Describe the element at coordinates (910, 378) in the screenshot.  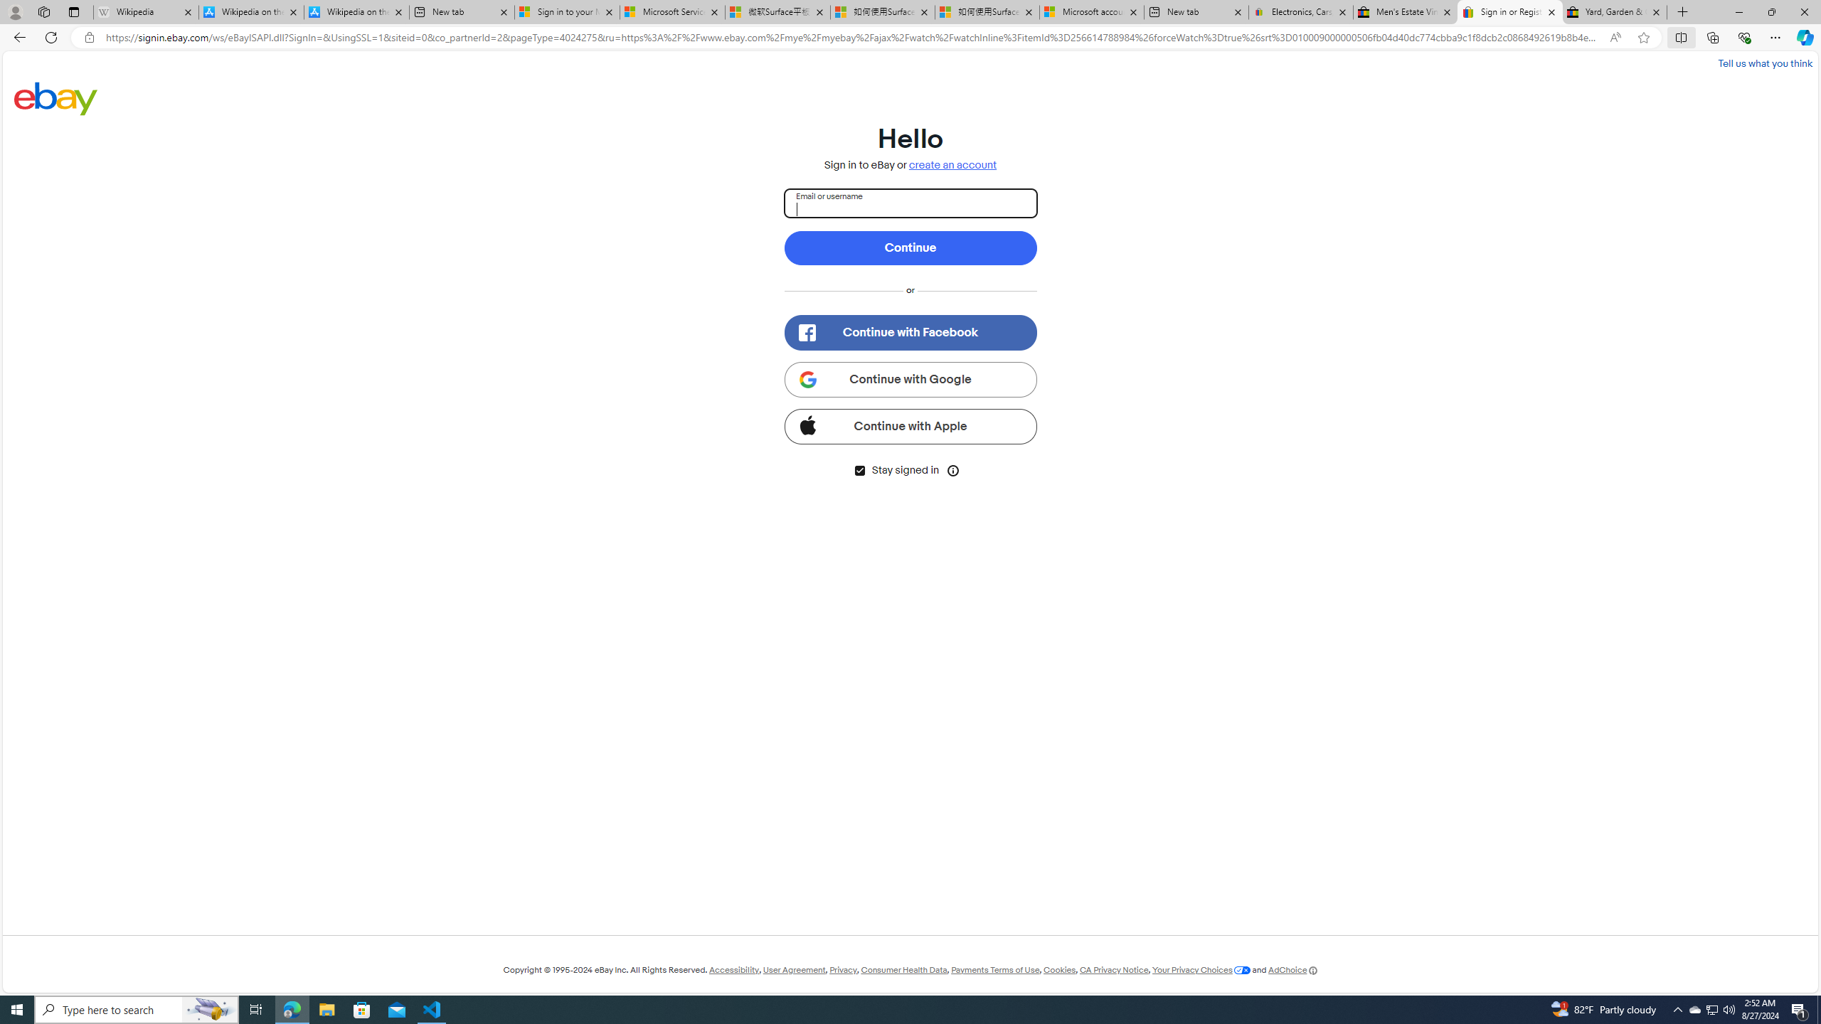
I see `'Continue with Google'` at that location.